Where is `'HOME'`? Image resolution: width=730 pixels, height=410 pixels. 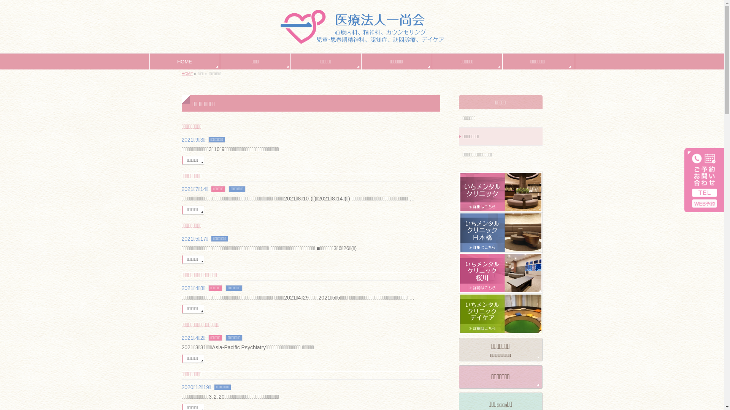 'HOME' is located at coordinates (184, 61).